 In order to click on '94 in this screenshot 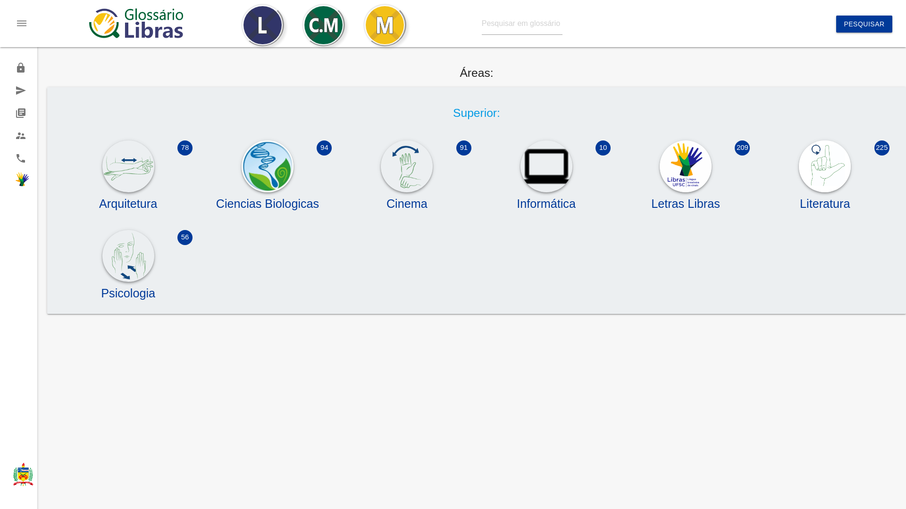, I will do `click(267, 199)`.